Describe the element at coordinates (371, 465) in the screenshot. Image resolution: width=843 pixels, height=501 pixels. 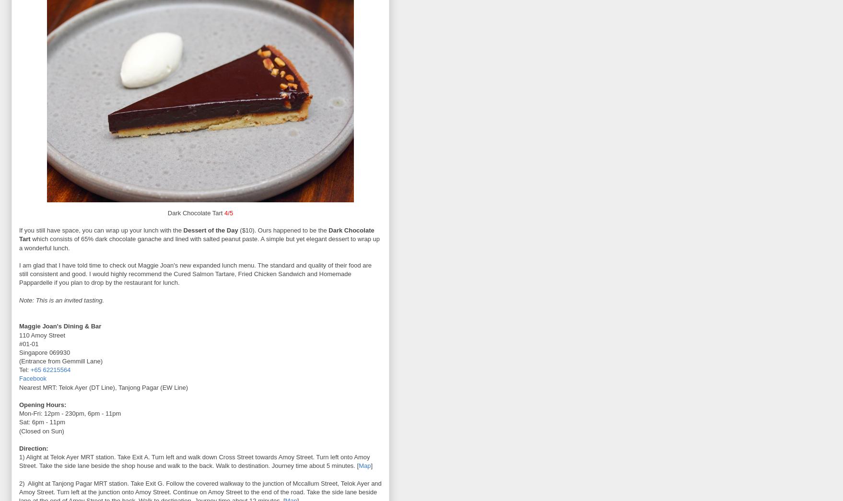
I see `']'` at that location.